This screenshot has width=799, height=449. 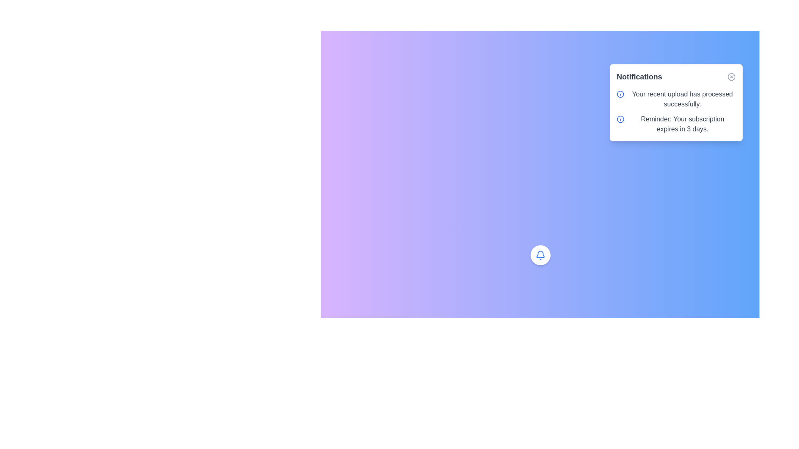 I want to click on the circular close button with an 'X' mark inside, located at the top-right corner of the notification card, so click(x=731, y=77).